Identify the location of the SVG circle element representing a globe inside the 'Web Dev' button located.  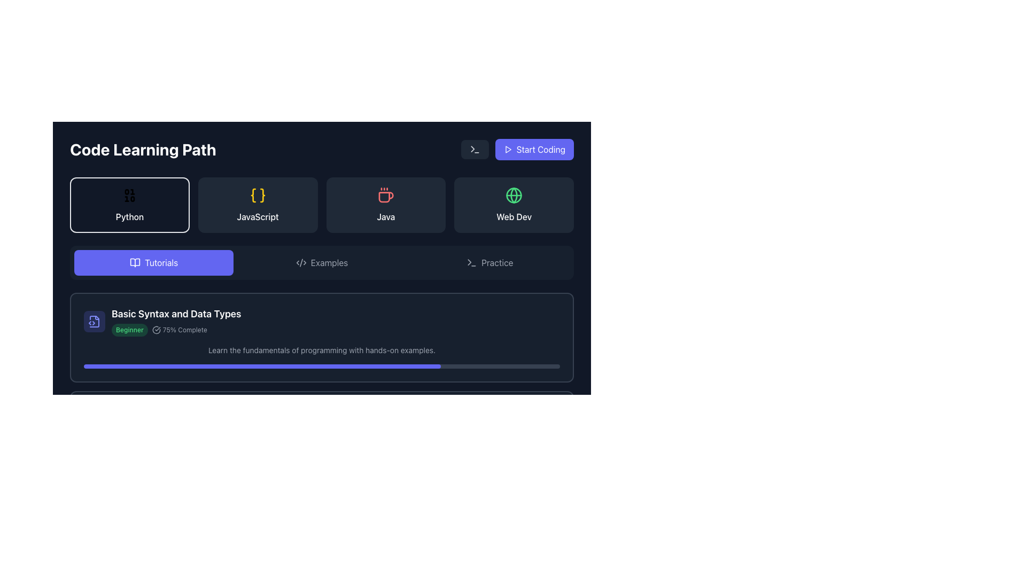
(514, 196).